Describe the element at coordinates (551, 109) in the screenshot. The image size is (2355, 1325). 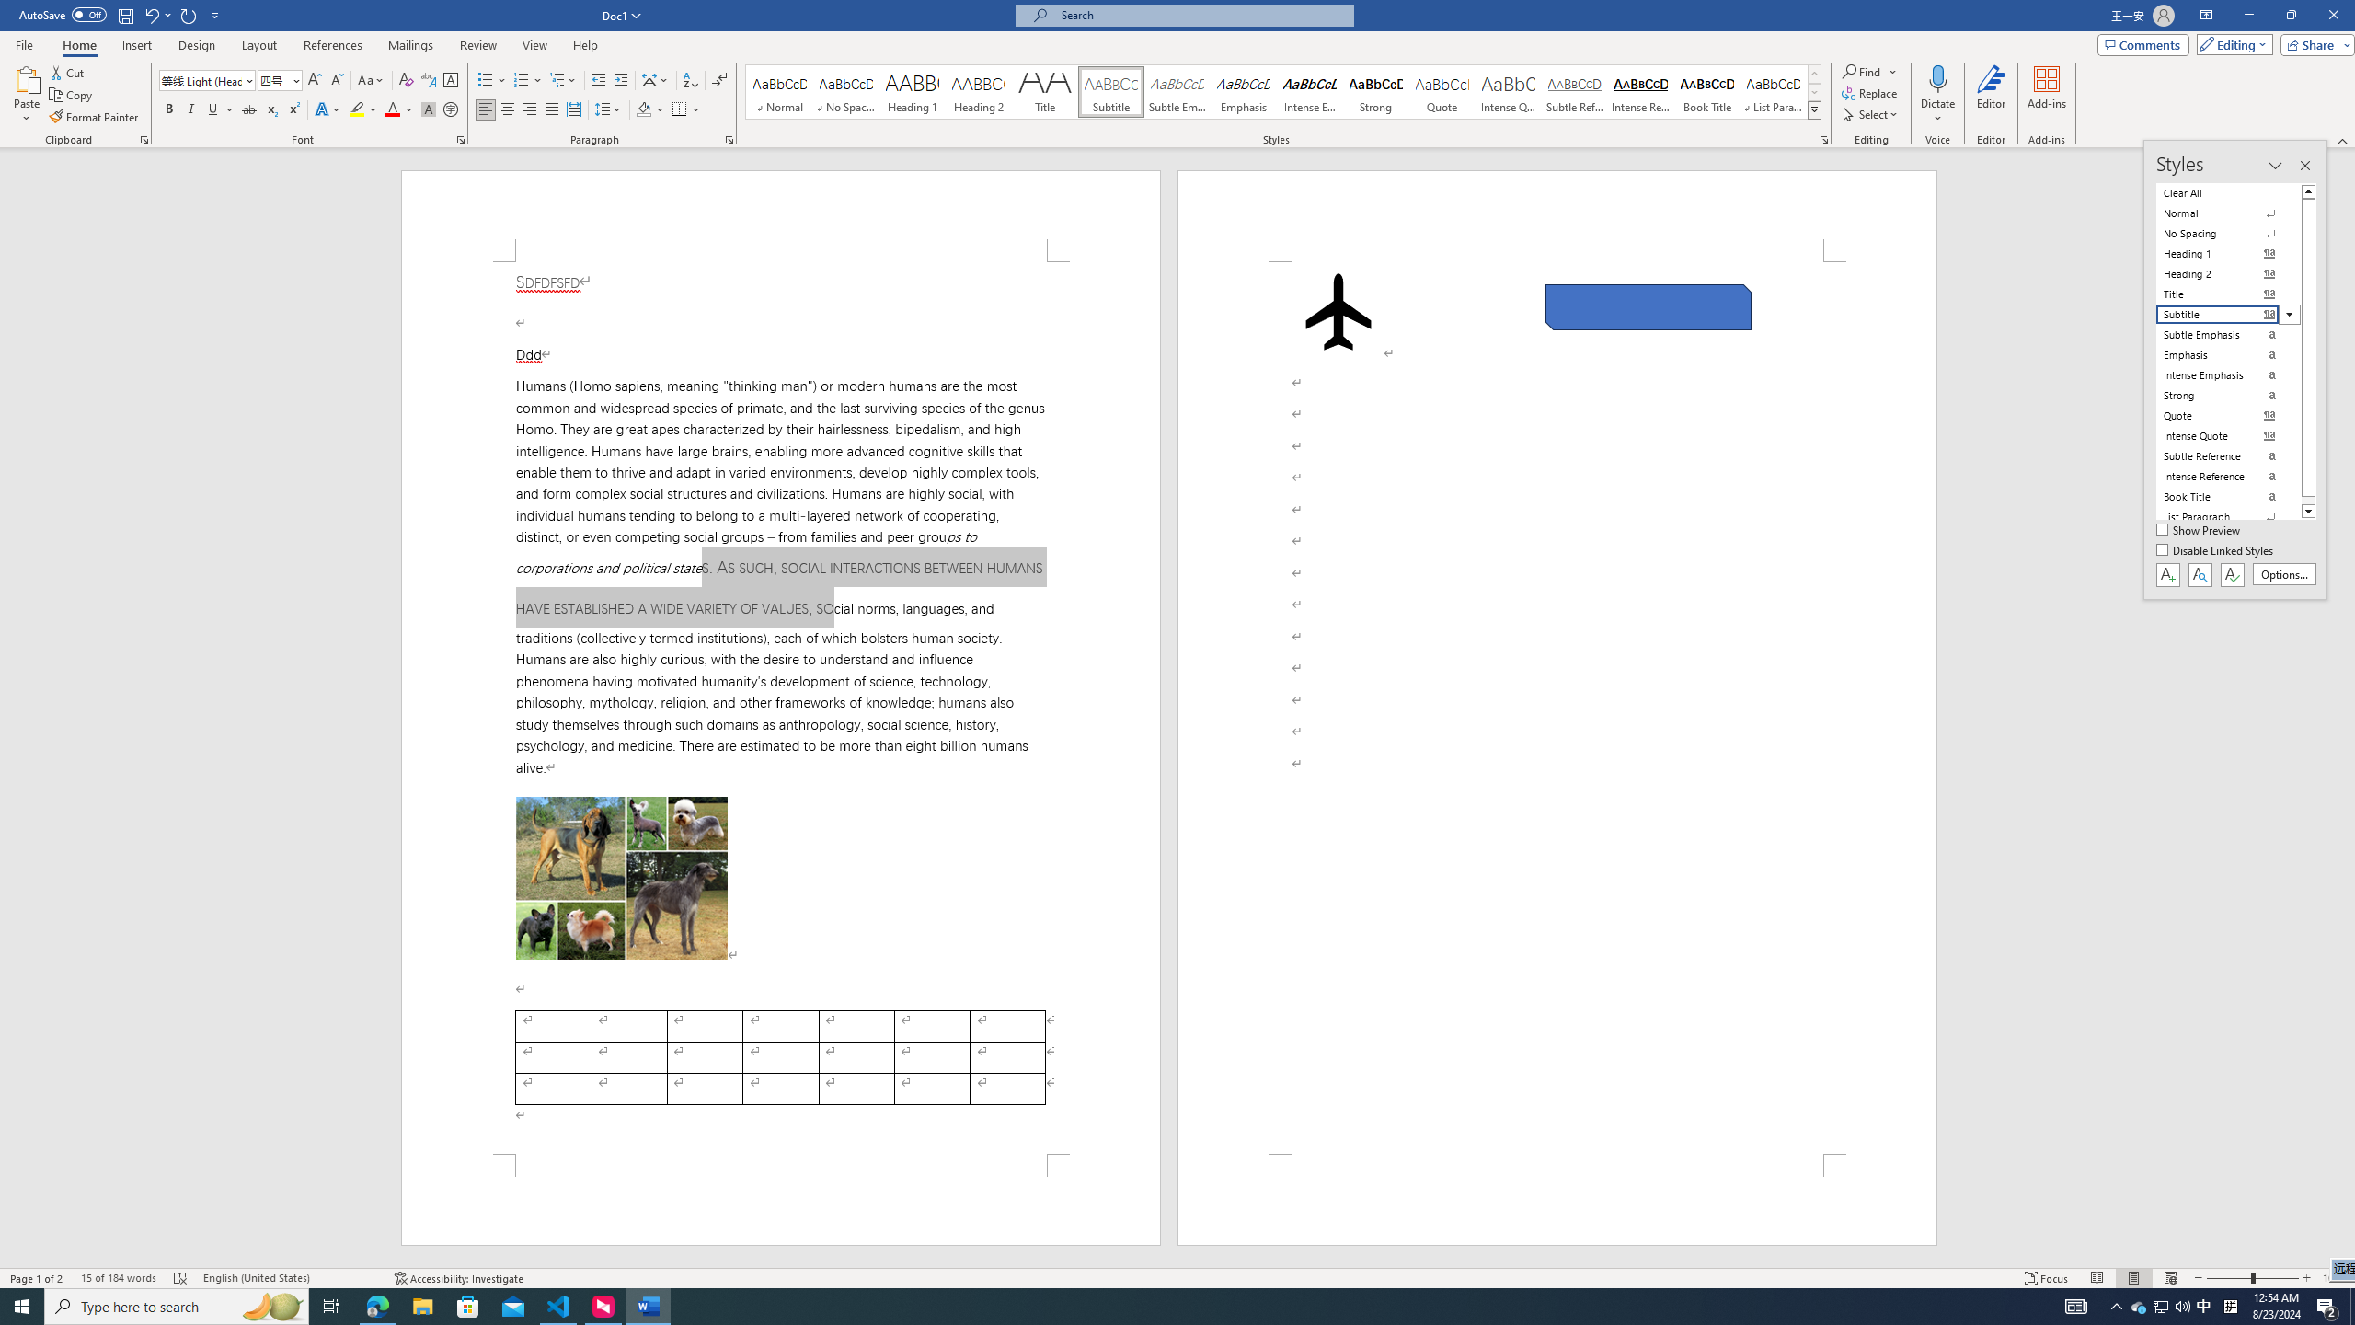
I see `'Justify'` at that location.